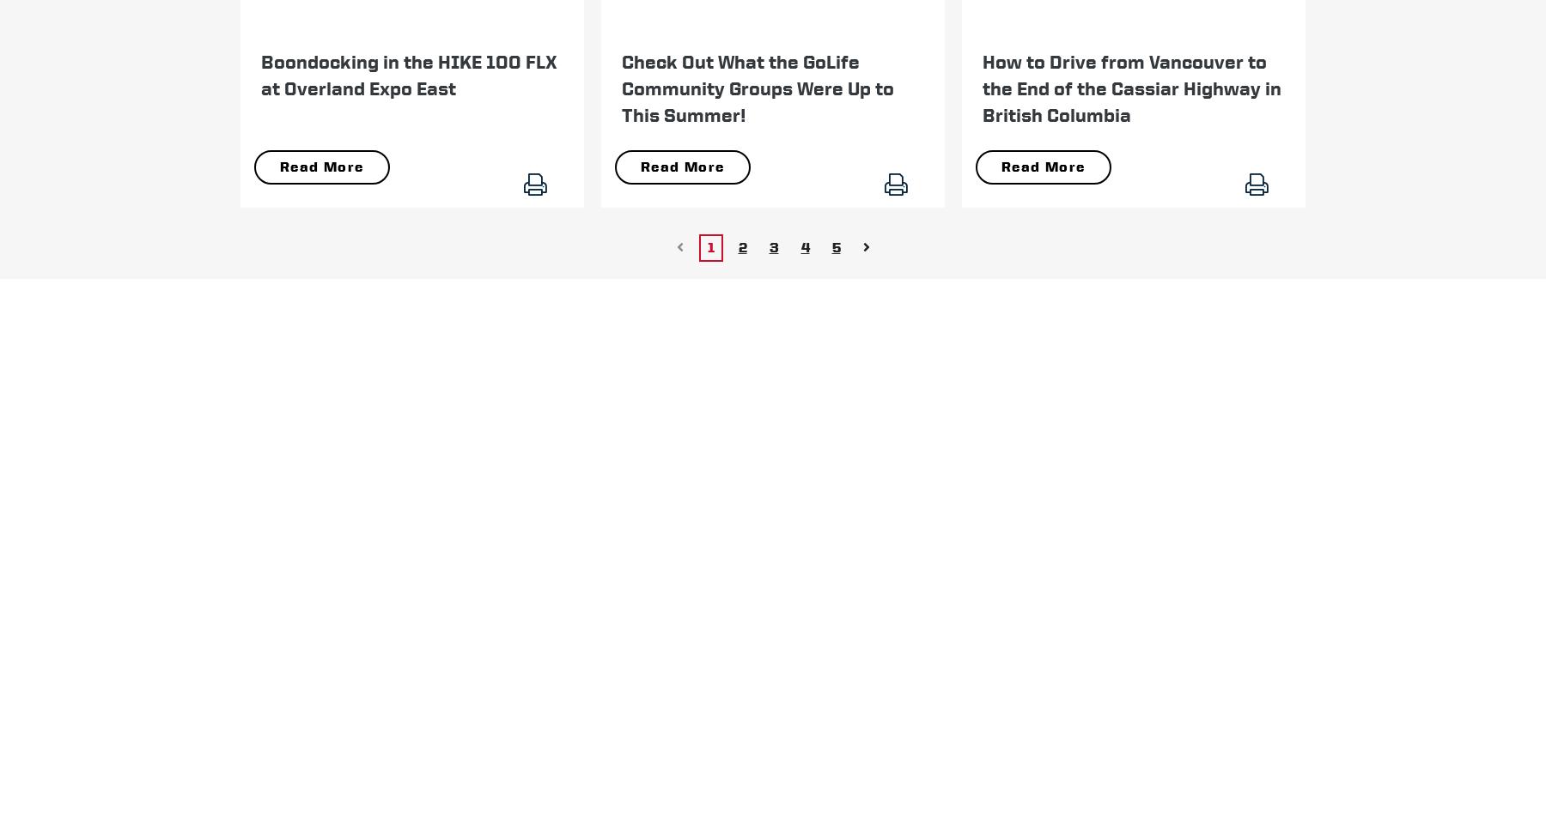  What do you see at coordinates (314, 494) in the screenshot?
I see `'.'` at bounding box center [314, 494].